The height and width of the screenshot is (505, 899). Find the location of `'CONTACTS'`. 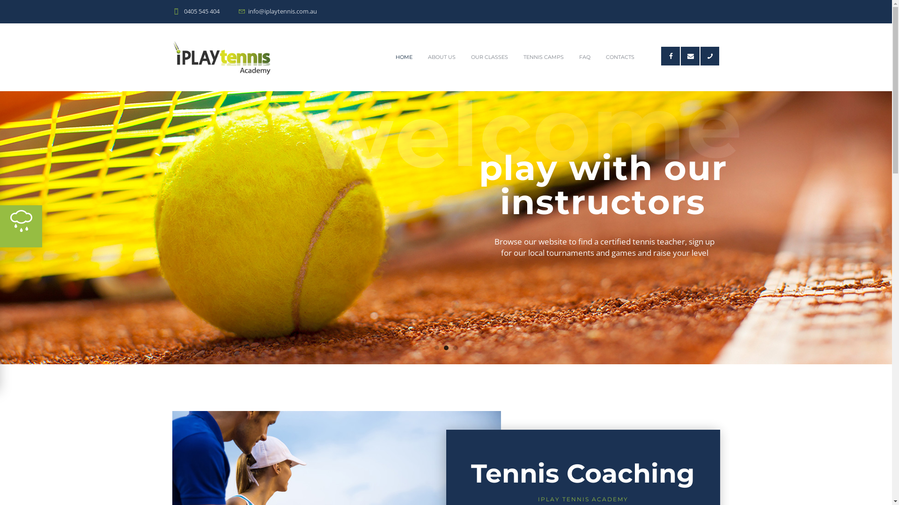

'CONTACTS' is located at coordinates (620, 57).